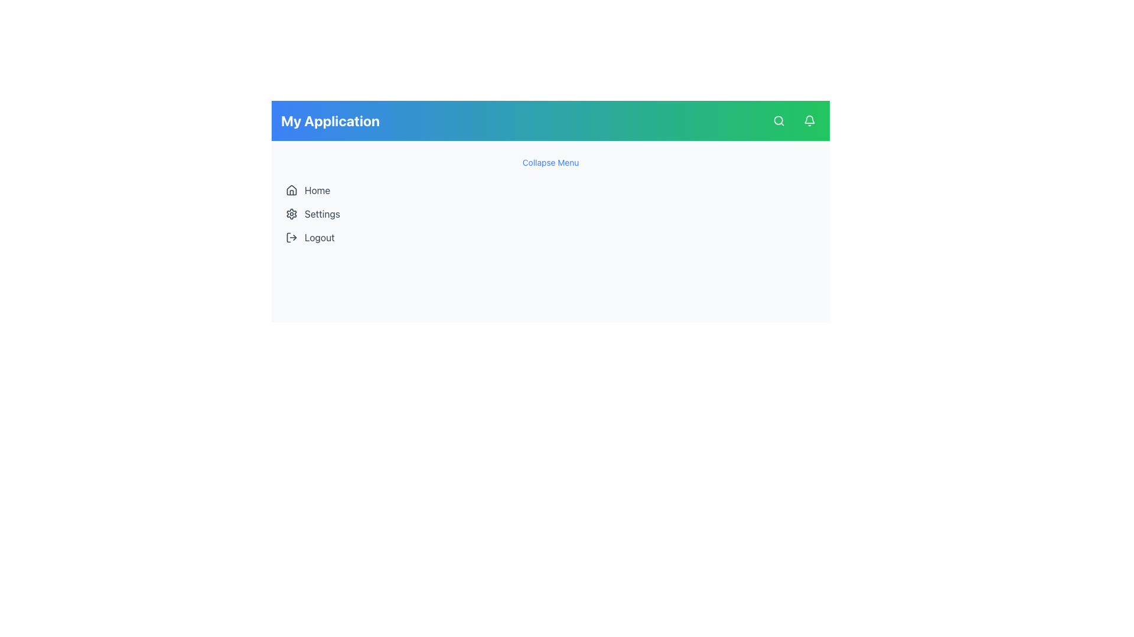 This screenshot has height=637, width=1134. I want to click on the interactive 'Collapse Menu' button which is a small blue text label located at the top-center of the interface, just below the title bar, so click(550, 163).